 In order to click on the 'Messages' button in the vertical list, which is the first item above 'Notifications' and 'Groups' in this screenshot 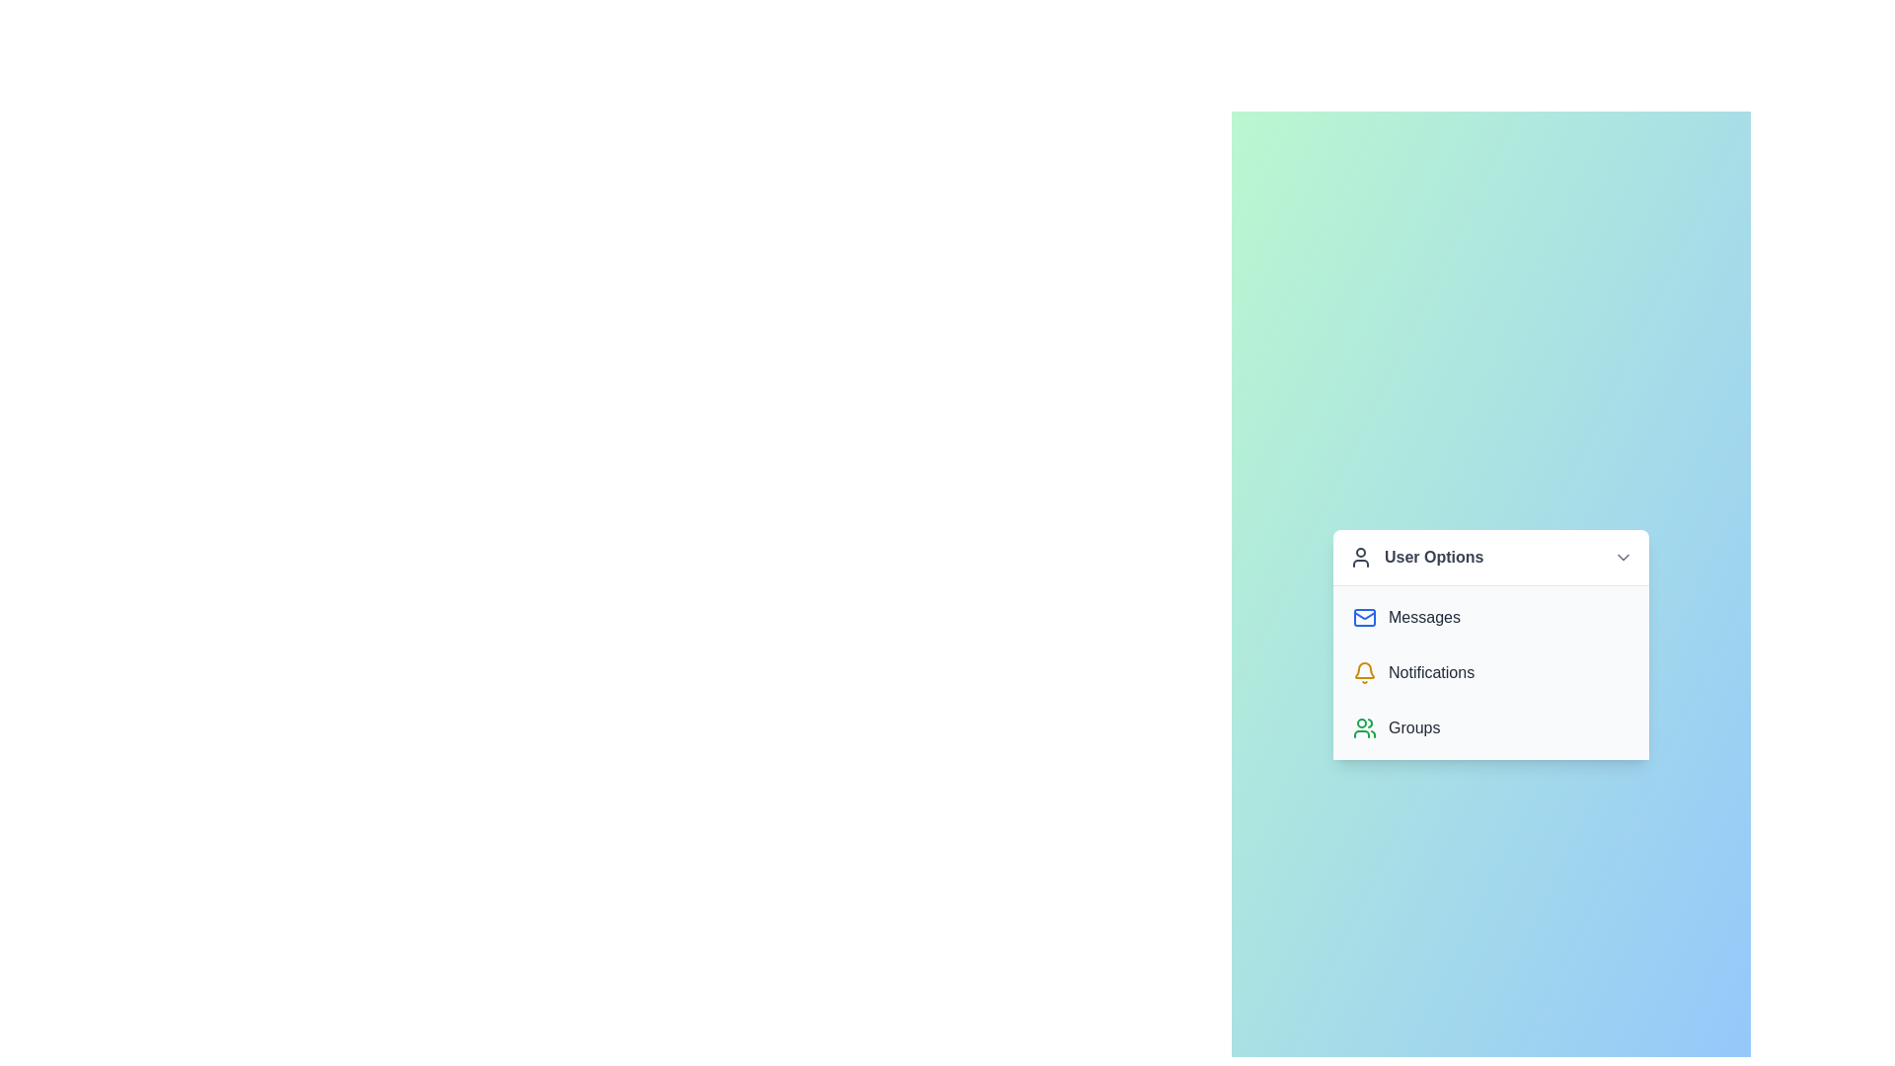, I will do `click(1491, 615)`.